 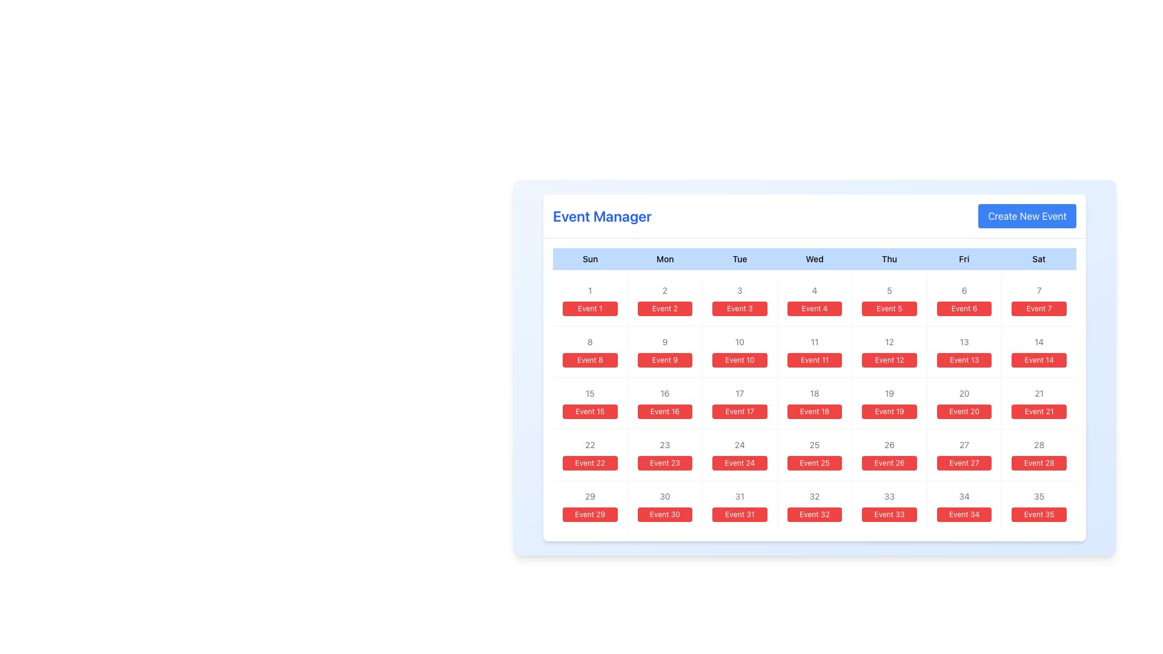 I want to click on the sixth grid cell in the fourth row of the calendar interface, which has a white background, rounded corners, and contains the text 'Event 20', so click(x=964, y=403).